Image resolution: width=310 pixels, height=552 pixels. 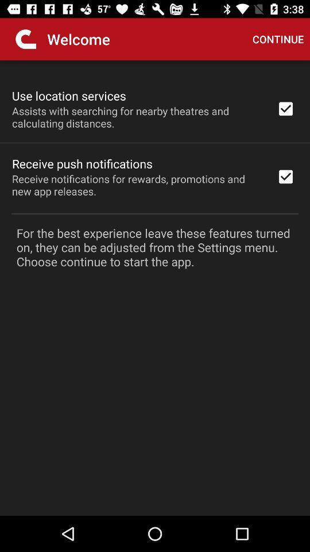 What do you see at coordinates (69, 95) in the screenshot?
I see `icon above assists with searching item` at bounding box center [69, 95].